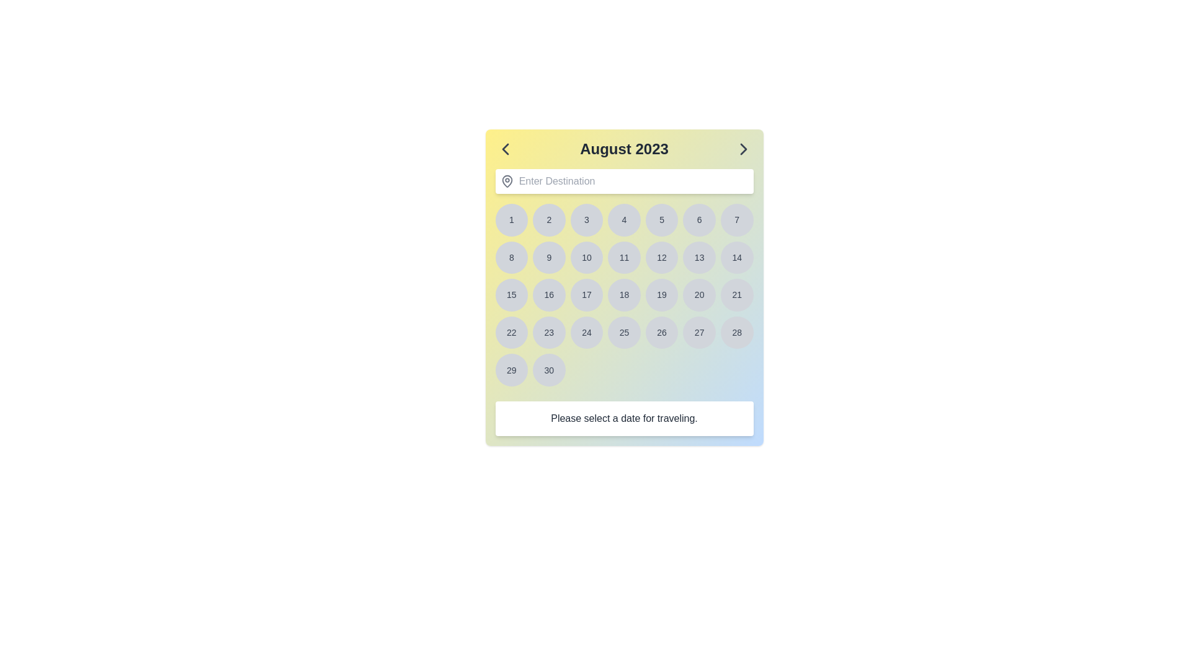 Image resolution: width=1191 pixels, height=669 pixels. I want to click on the circular button labeled '14' with a light gray background, so click(737, 256).